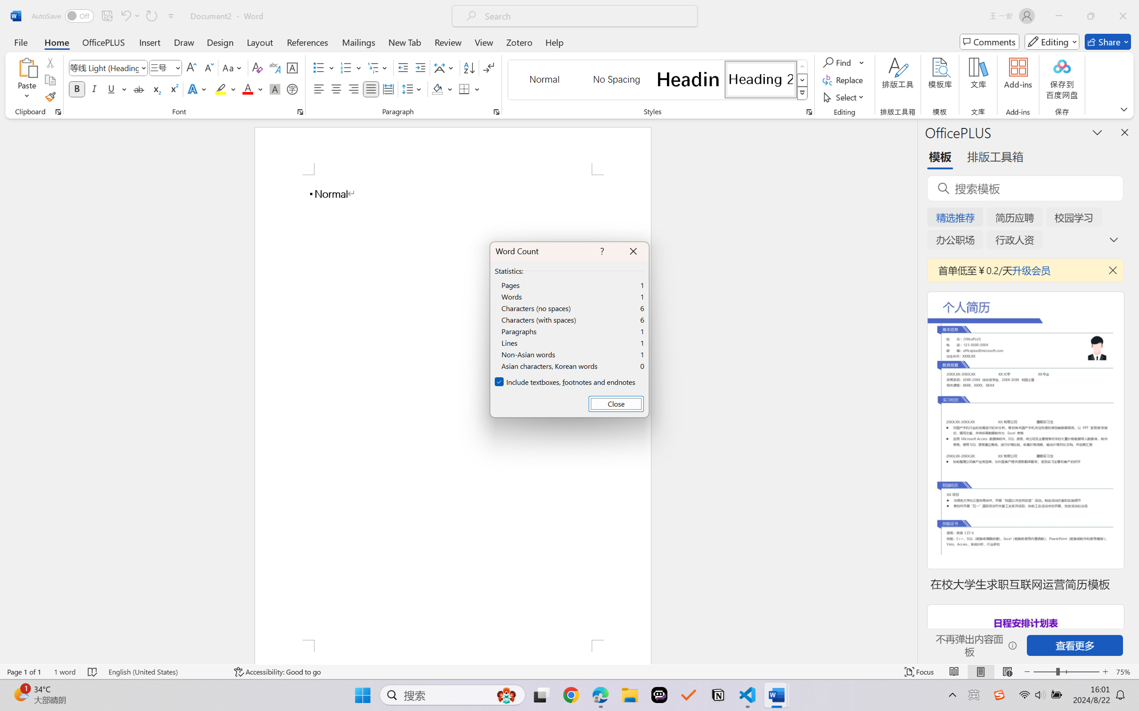 Image resolution: width=1139 pixels, height=711 pixels. What do you see at coordinates (208, 68) in the screenshot?
I see `'Shrink Font'` at bounding box center [208, 68].